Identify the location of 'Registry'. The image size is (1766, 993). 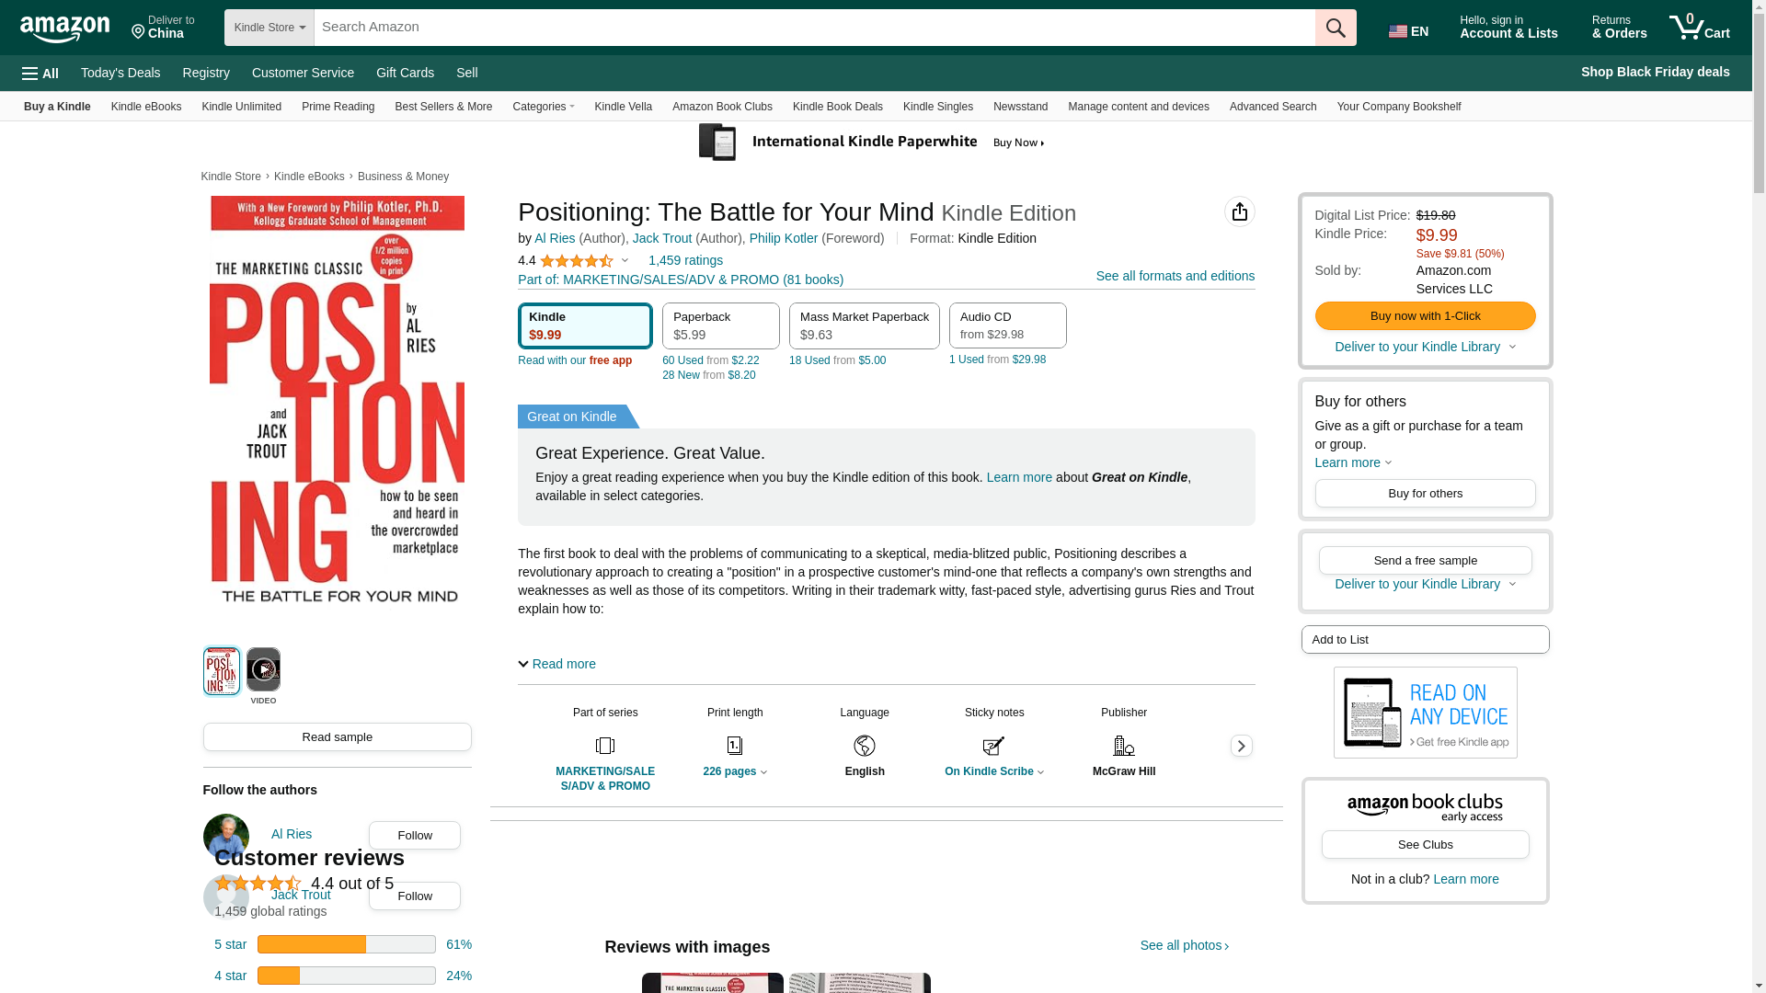
(172, 71).